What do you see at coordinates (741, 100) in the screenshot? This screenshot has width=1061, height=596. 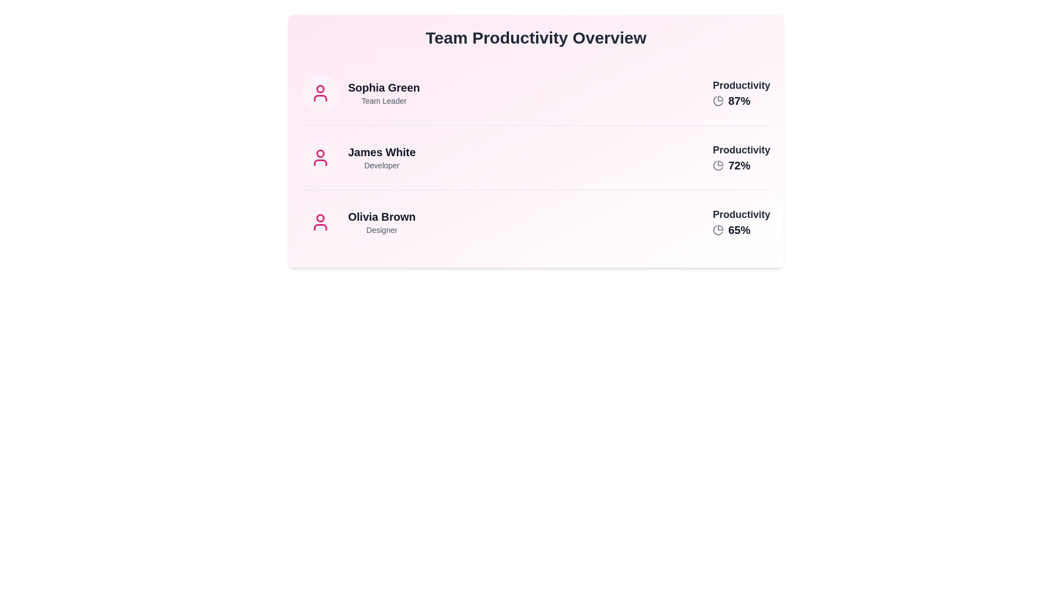 I see `the Text with Visual Icon displaying productivity percentage, located in the top-right section of the row next to the 'Productivity' label` at bounding box center [741, 100].